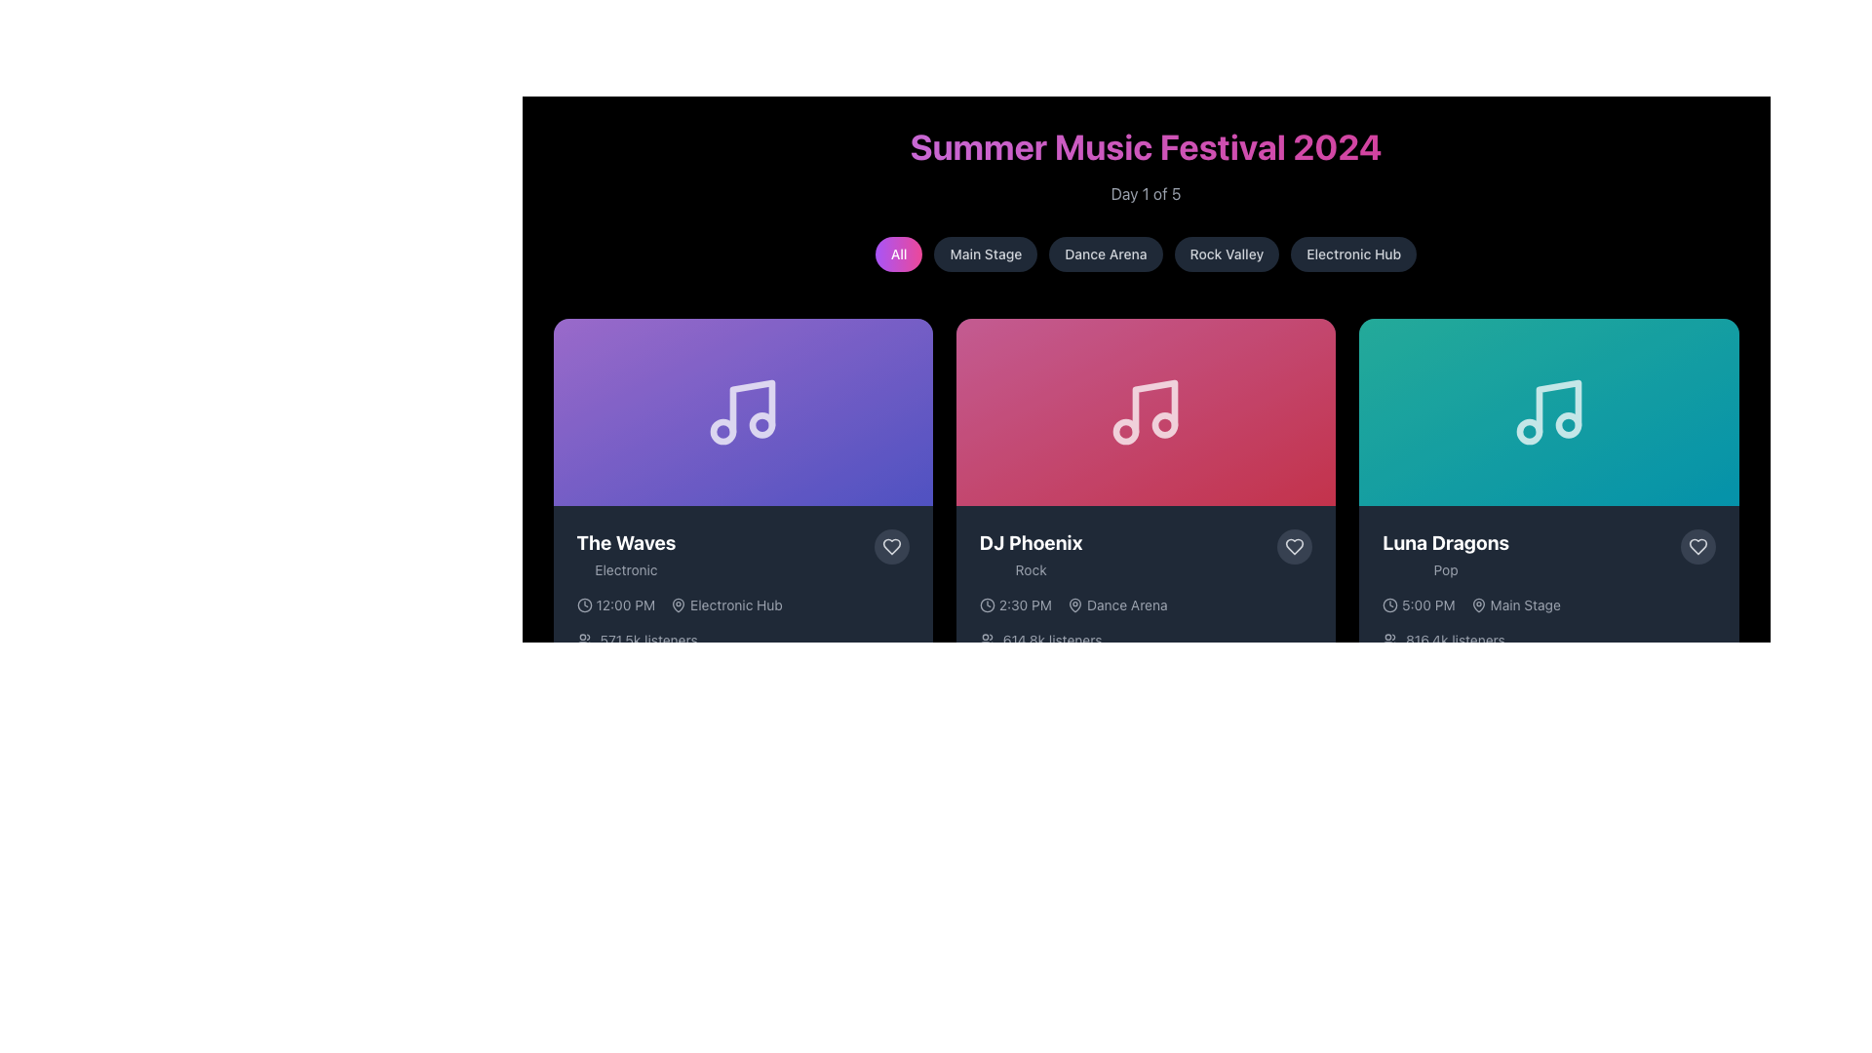 The image size is (1872, 1053). What do you see at coordinates (1117, 604) in the screenshot?
I see `the informational label indicating the venue or stage for 'DJ Phoenix', located to the right of the time indicator '2:30 PM' in the bottom portion of the card interface` at bounding box center [1117, 604].